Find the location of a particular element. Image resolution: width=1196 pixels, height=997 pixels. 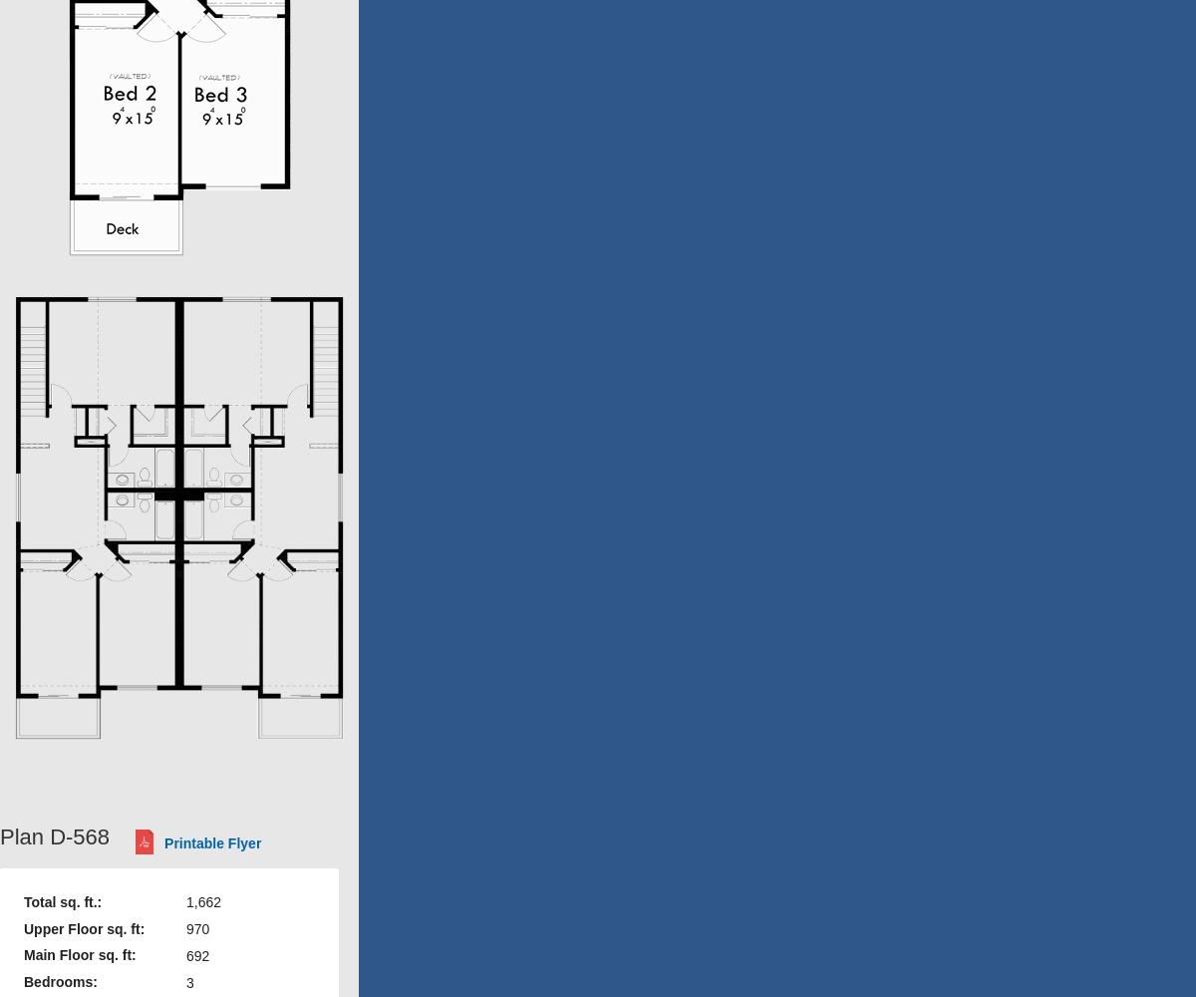

'Bedrooms:' is located at coordinates (60, 981).